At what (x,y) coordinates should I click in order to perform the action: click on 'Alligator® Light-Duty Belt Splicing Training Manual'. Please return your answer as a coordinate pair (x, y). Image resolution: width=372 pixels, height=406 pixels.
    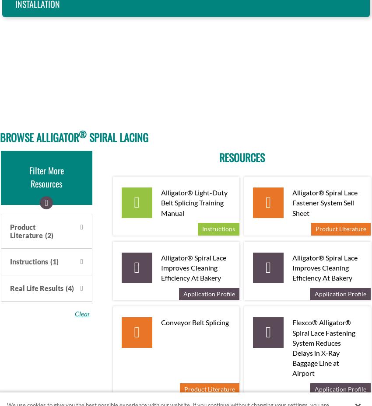
    Looking at the image, I should click on (194, 202).